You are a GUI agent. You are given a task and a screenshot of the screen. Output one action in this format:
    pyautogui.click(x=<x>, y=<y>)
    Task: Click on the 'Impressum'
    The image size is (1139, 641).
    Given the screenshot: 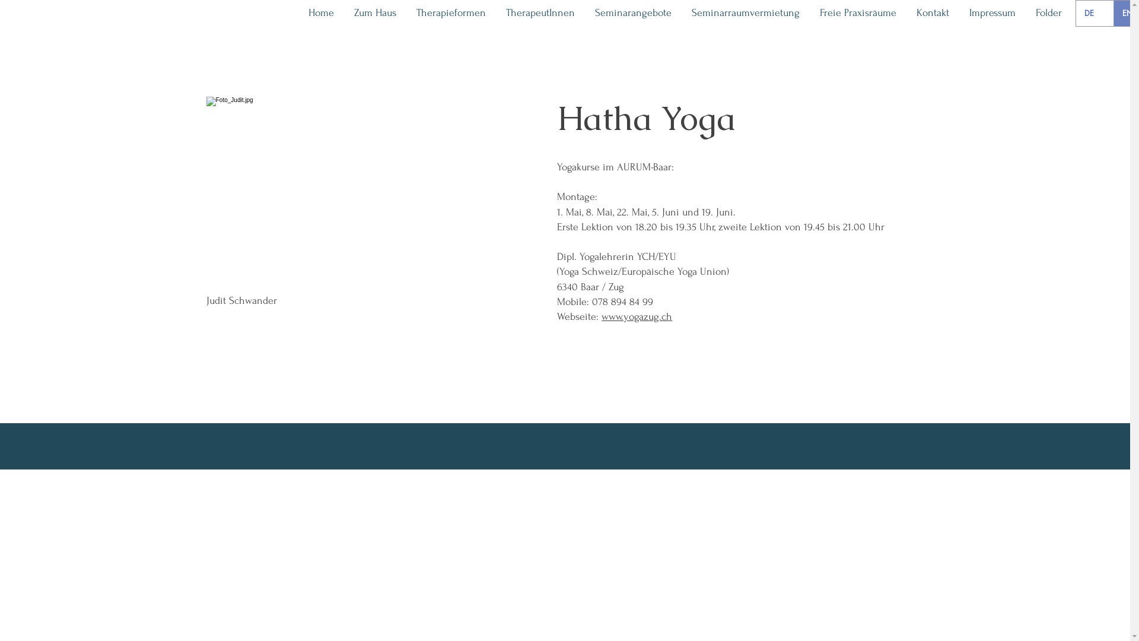 What is the action you would take?
    pyautogui.click(x=959, y=13)
    